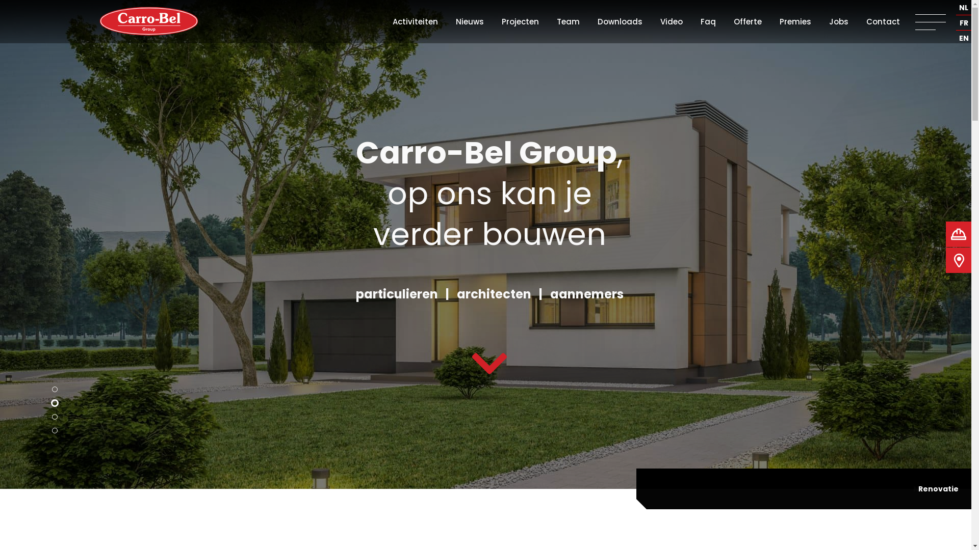 The width and height of the screenshot is (979, 550). I want to click on 'Faq', so click(707, 21).